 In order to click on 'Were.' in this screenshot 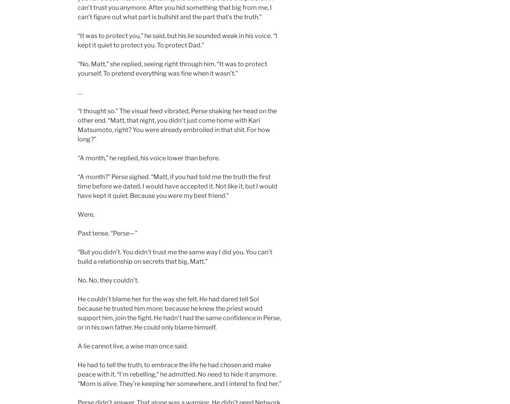, I will do `click(86, 214)`.